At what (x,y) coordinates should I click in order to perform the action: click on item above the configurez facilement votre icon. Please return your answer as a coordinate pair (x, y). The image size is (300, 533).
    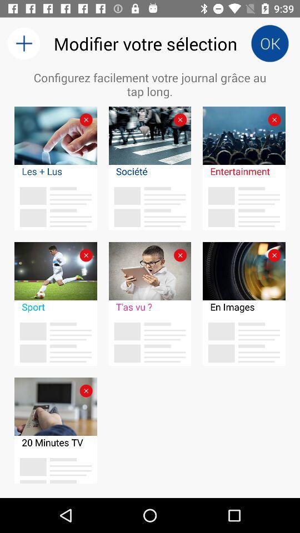
    Looking at the image, I should click on (269, 43).